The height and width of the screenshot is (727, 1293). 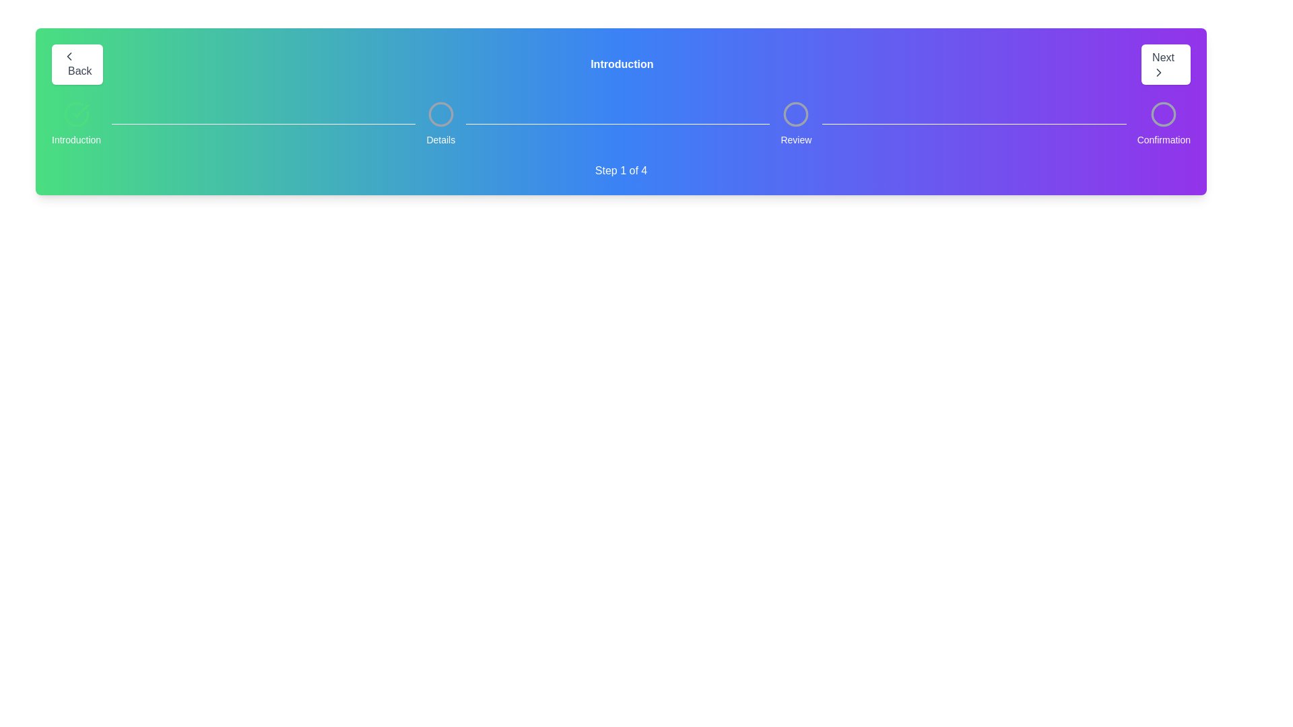 I want to click on the right-facing chevron icon inside the 'Next' button, so click(x=1158, y=73).